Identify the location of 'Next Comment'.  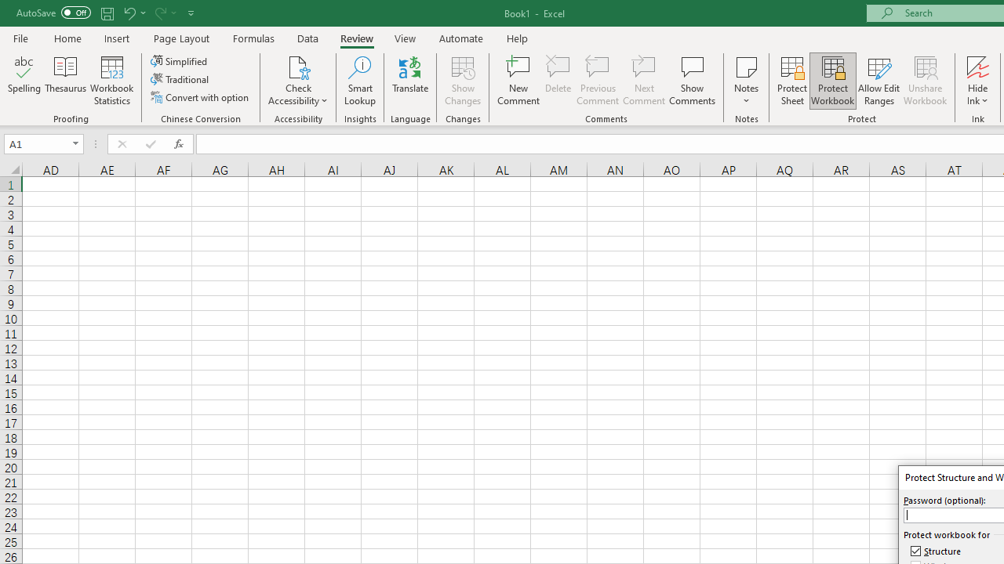
(644, 81).